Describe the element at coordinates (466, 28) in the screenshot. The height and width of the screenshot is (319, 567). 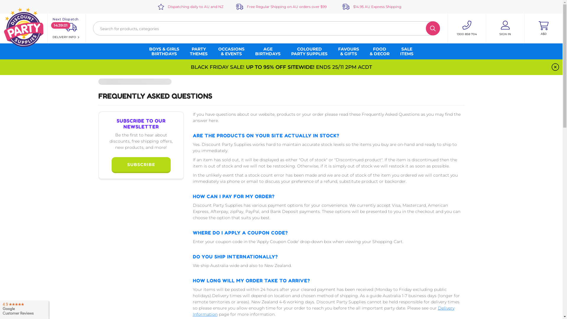
I see `'1300 858 704'` at that location.